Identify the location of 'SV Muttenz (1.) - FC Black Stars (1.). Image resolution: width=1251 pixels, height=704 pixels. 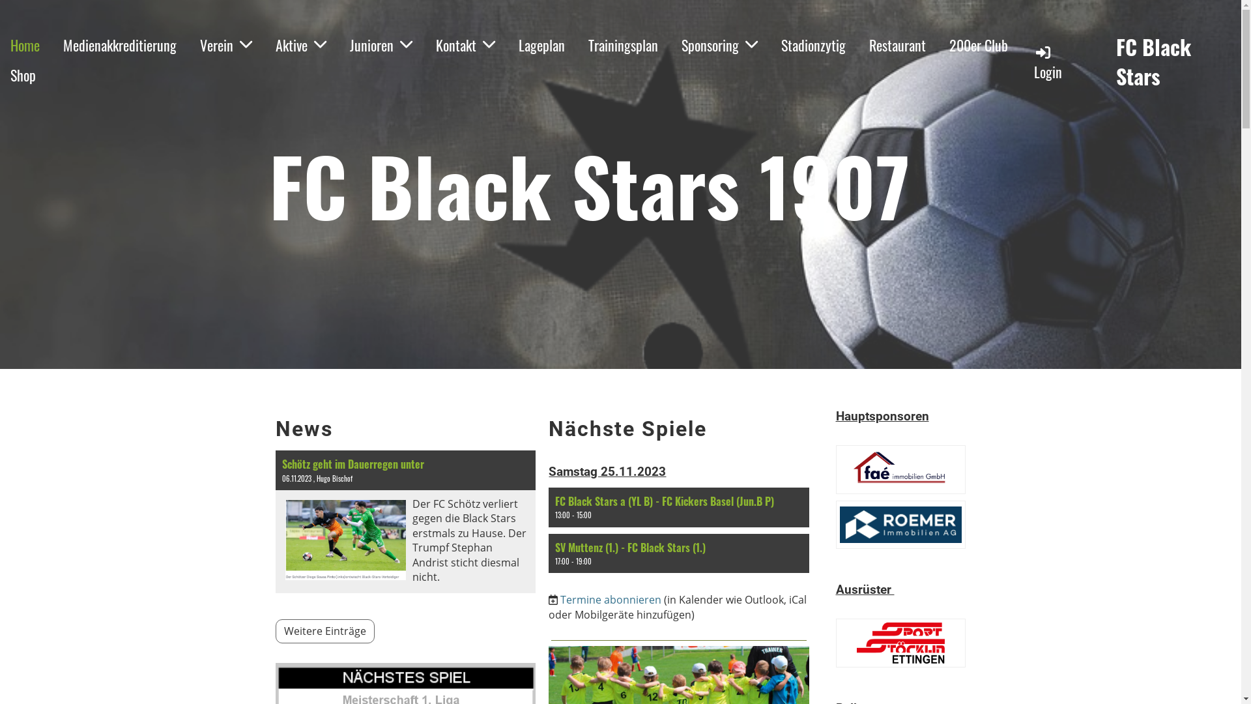
(678, 553).